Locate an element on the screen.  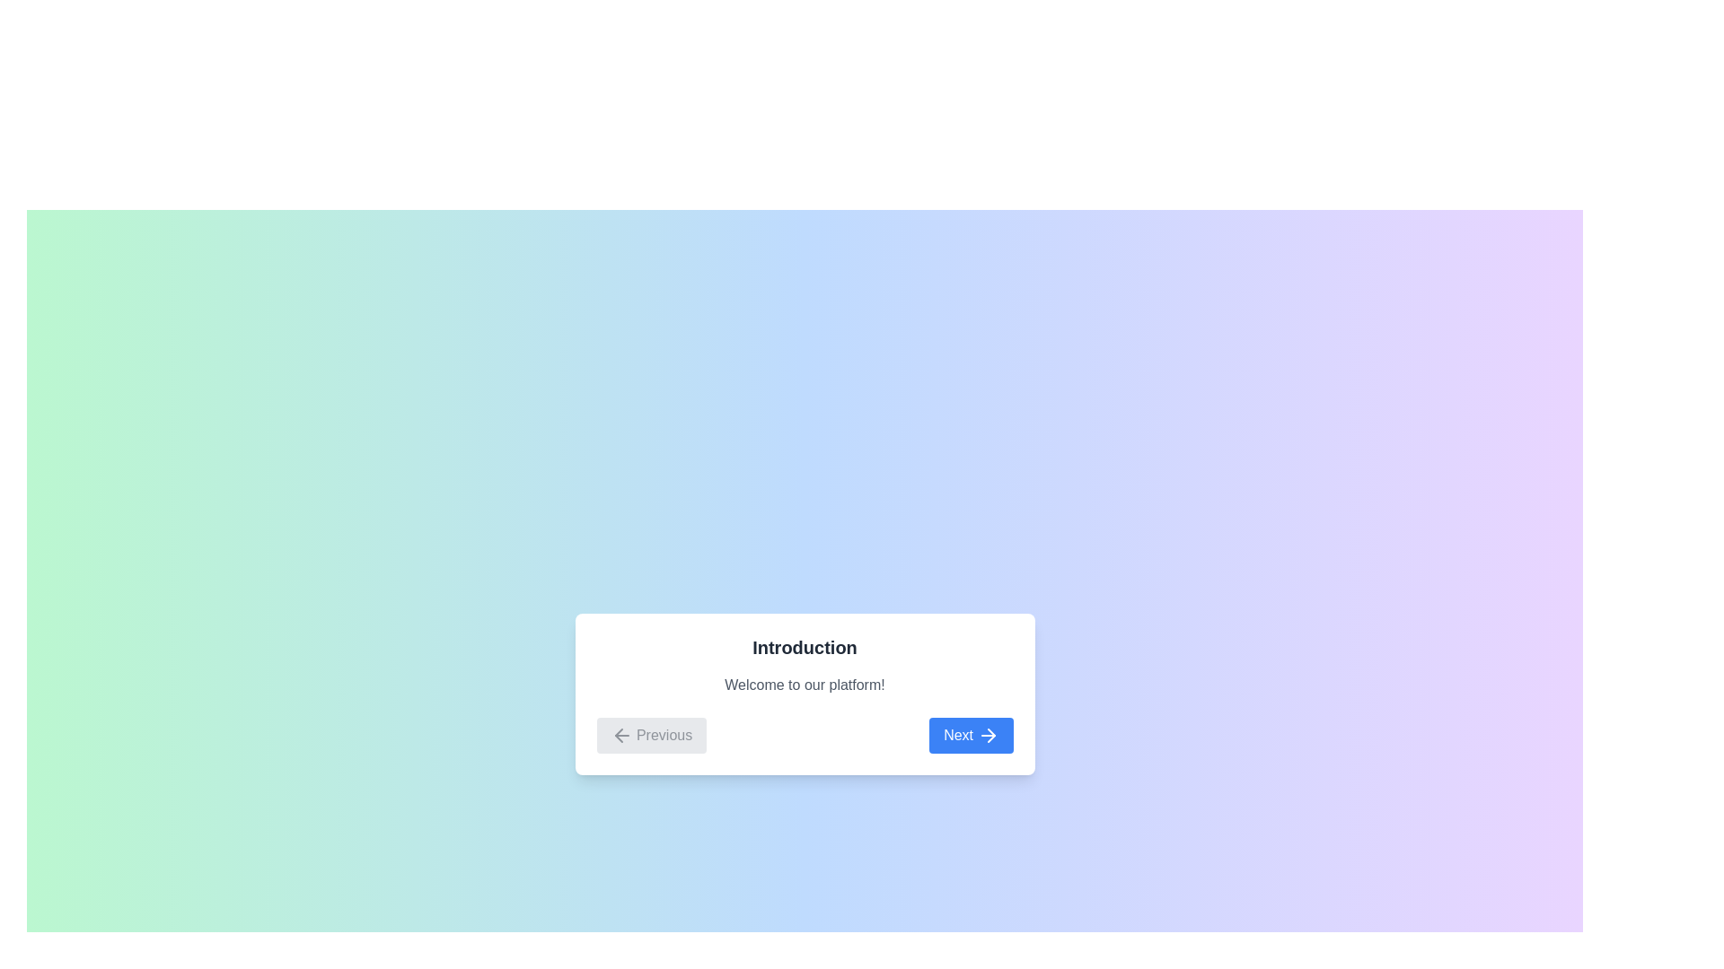
the left-pointing arrow icon in the 'Previous' button to observe potential visual changes is located at coordinates (619, 736).